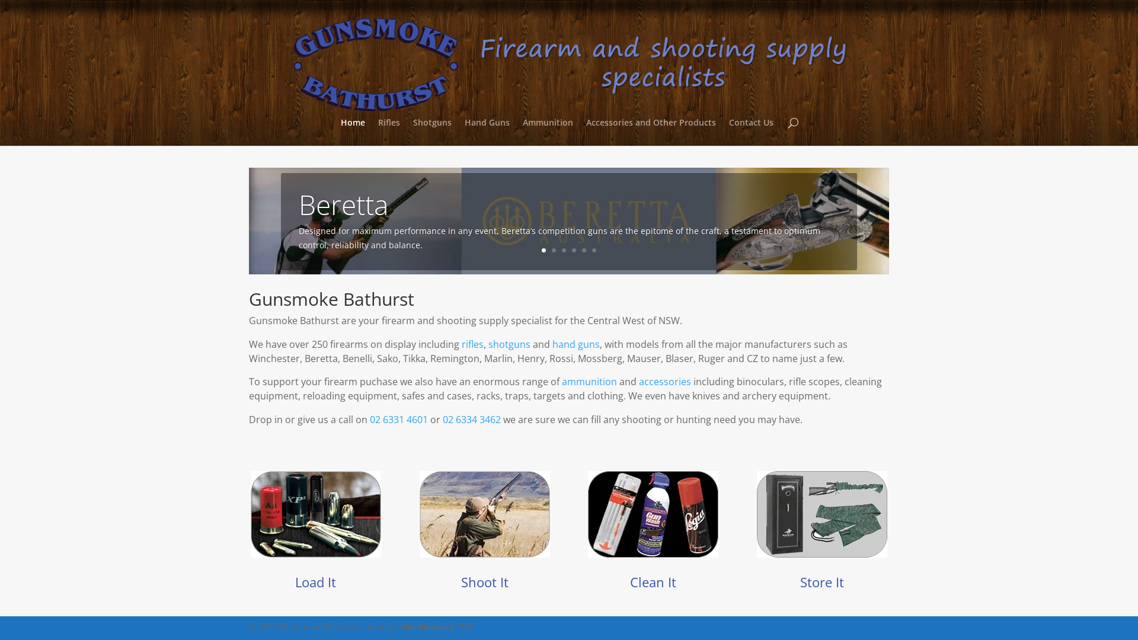 The height and width of the screenshot is (640, 1138). I want to click on '02 6331 4601', so click(369, 419).